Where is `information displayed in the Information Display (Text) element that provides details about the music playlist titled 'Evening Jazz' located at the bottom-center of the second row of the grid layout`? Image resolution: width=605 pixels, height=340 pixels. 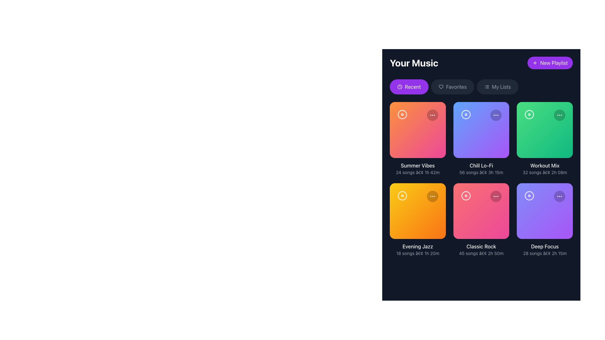 information displayed in the Information Display (Text) element that provides details about the music playlist titled 'Evening Jazz' located at the bottom-center of the second row of the grid layout is located at coordinates (418, 249).